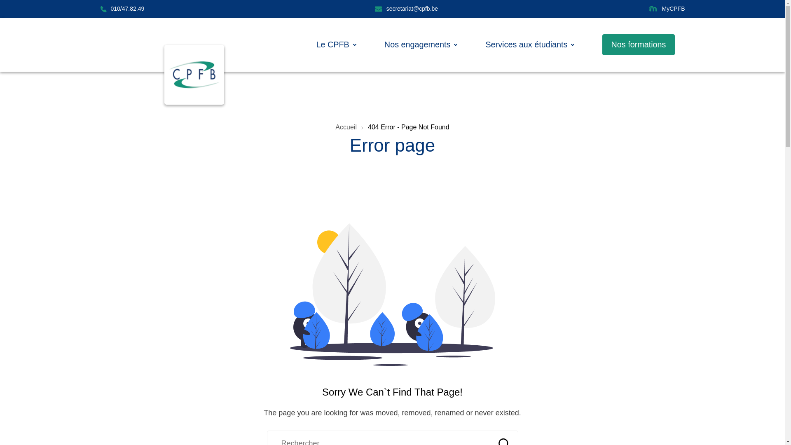 This screenshot has height=445, width=791. I want to click on 'secretariat@cpfb.be', so click(406, 9).